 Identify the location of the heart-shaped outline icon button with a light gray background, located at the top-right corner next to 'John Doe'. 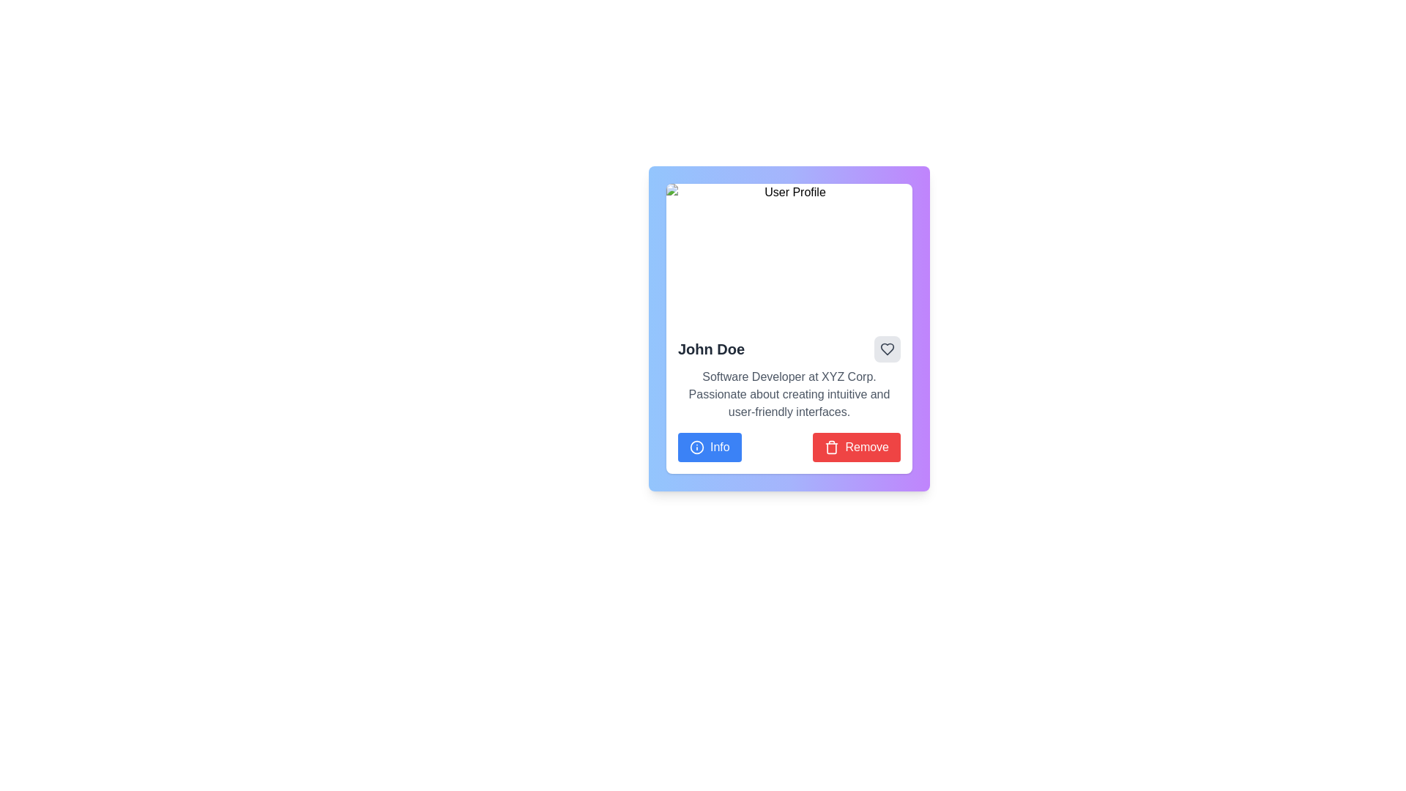
(886, 349).